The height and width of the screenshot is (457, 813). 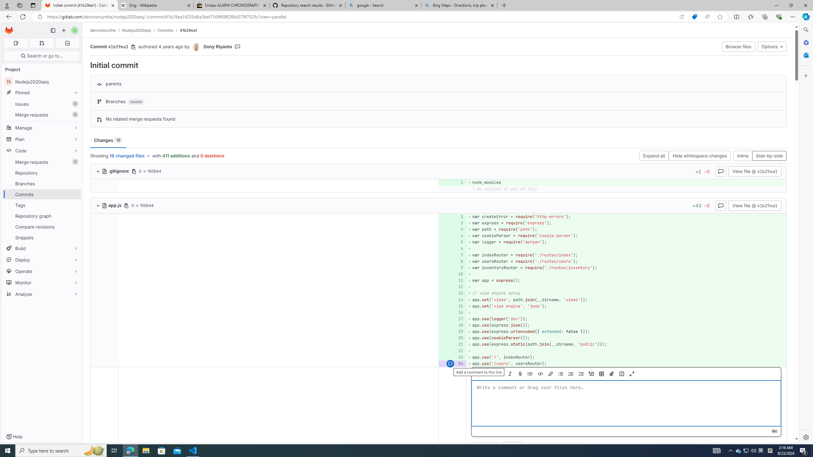 I want to click on 'app.js ', so click(x=112, y=205).